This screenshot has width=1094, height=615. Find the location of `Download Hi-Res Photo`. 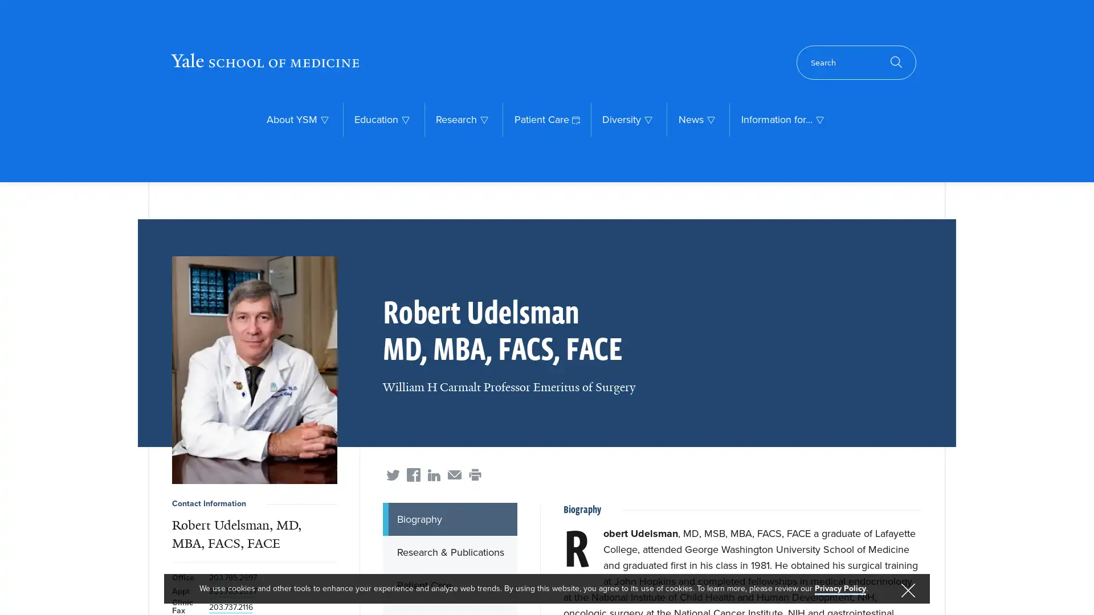

Download Hi-Res Photo is located at coordinates (254, 370).